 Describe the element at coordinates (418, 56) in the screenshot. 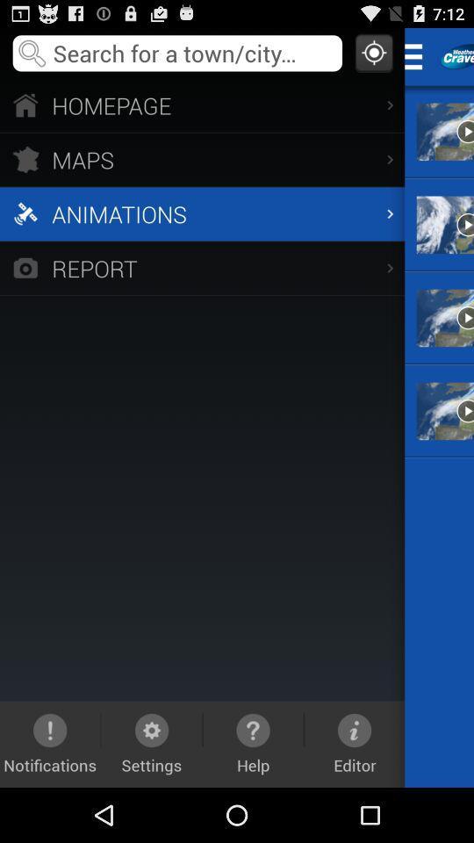

I see `app to the right of homepage item` at that location.